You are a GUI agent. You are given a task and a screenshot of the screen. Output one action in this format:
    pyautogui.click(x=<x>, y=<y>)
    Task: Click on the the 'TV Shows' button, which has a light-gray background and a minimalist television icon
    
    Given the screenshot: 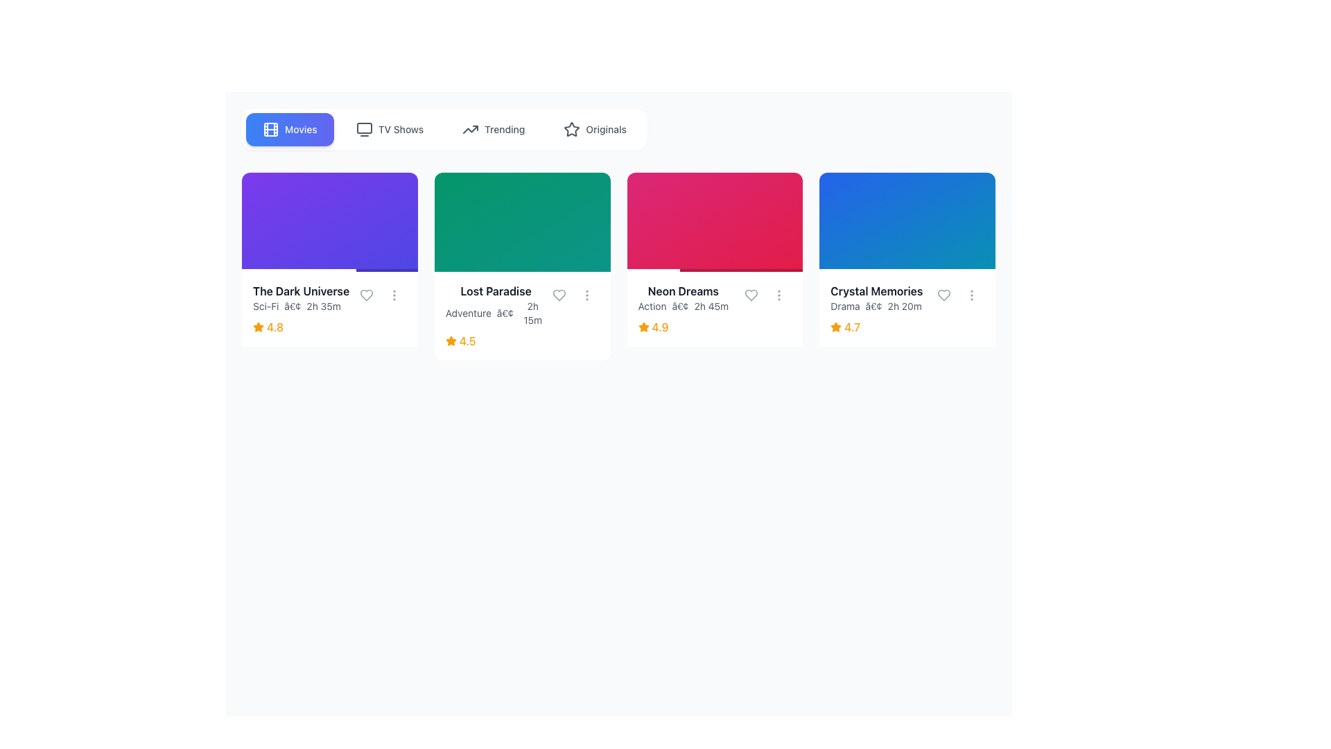 What is the action you would take?
    pyautogui.click(x=388, y=129)
    